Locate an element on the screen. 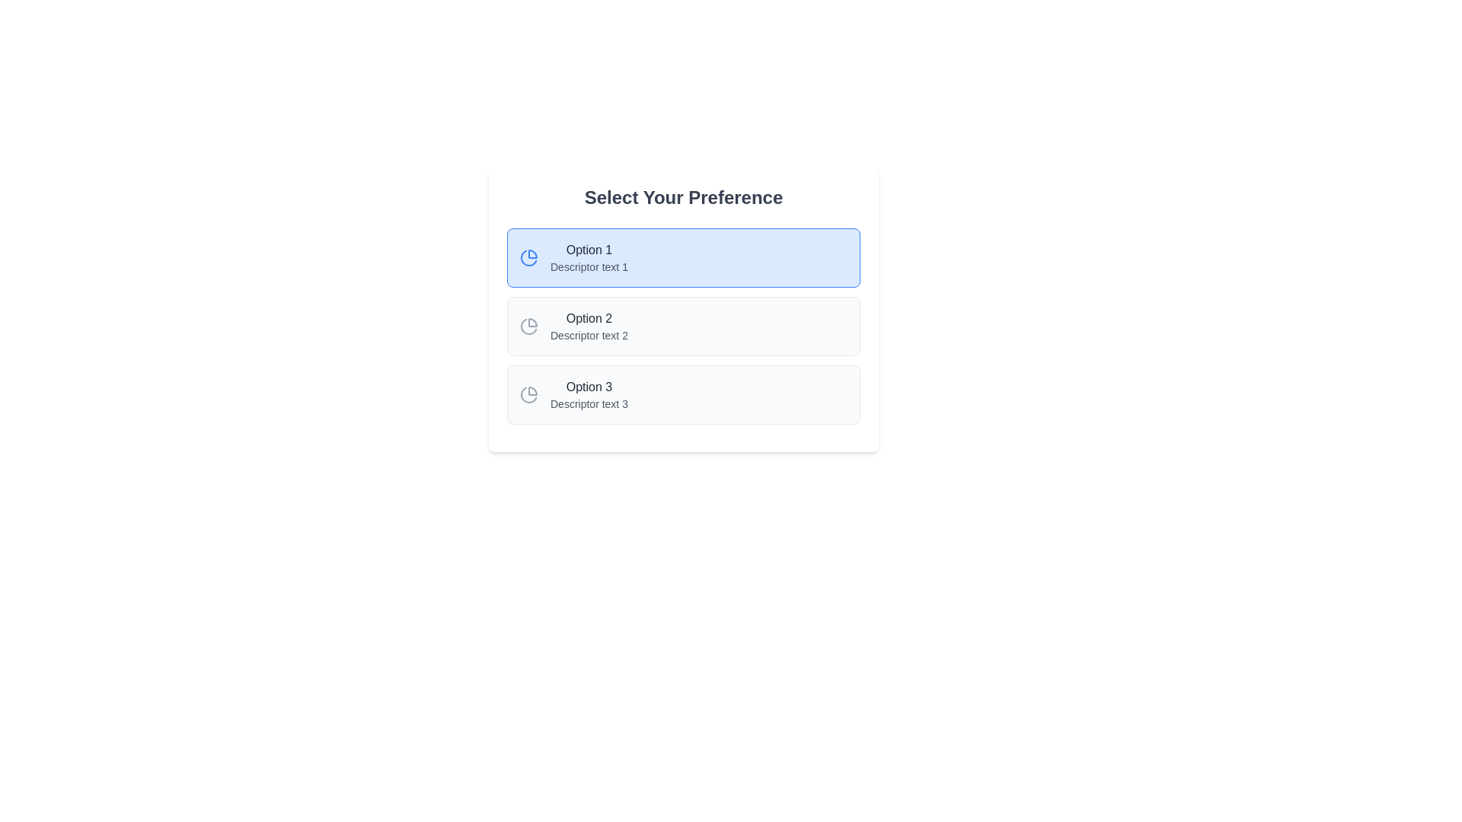 This screenshot has width=1462, height=822. the second segment of the pie chart icon in the 'Option 1' entry is located at coordinates (528, 257).